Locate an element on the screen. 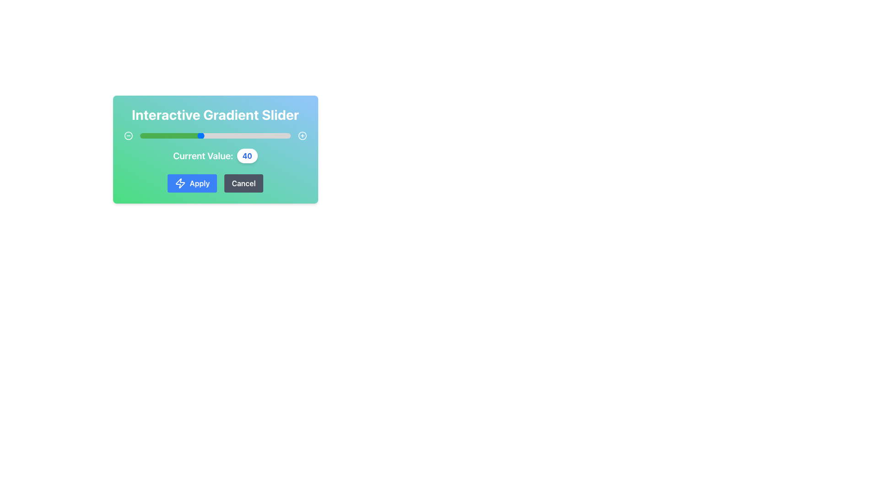 Image resolution: width=879 pixels, height=494 pixels. the slider is located at coordinates (273, 136).